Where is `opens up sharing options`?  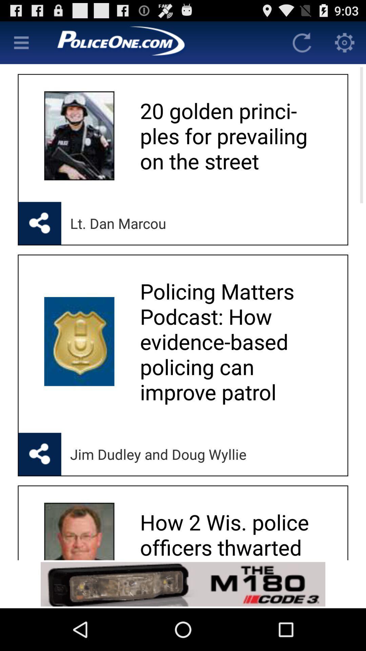
opens up sharing options is located at coordinates (40, 223).